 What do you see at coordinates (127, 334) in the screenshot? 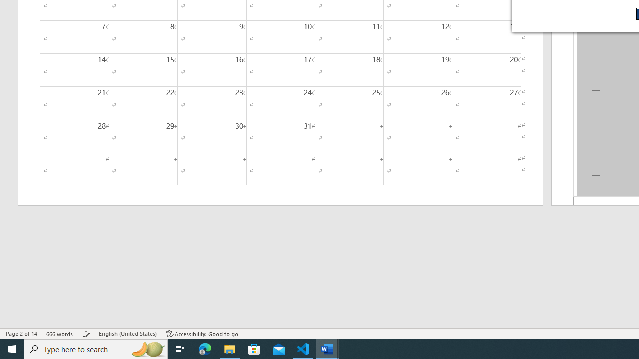
I see `'Language English (United States)'` at bounding box center [127, 334].